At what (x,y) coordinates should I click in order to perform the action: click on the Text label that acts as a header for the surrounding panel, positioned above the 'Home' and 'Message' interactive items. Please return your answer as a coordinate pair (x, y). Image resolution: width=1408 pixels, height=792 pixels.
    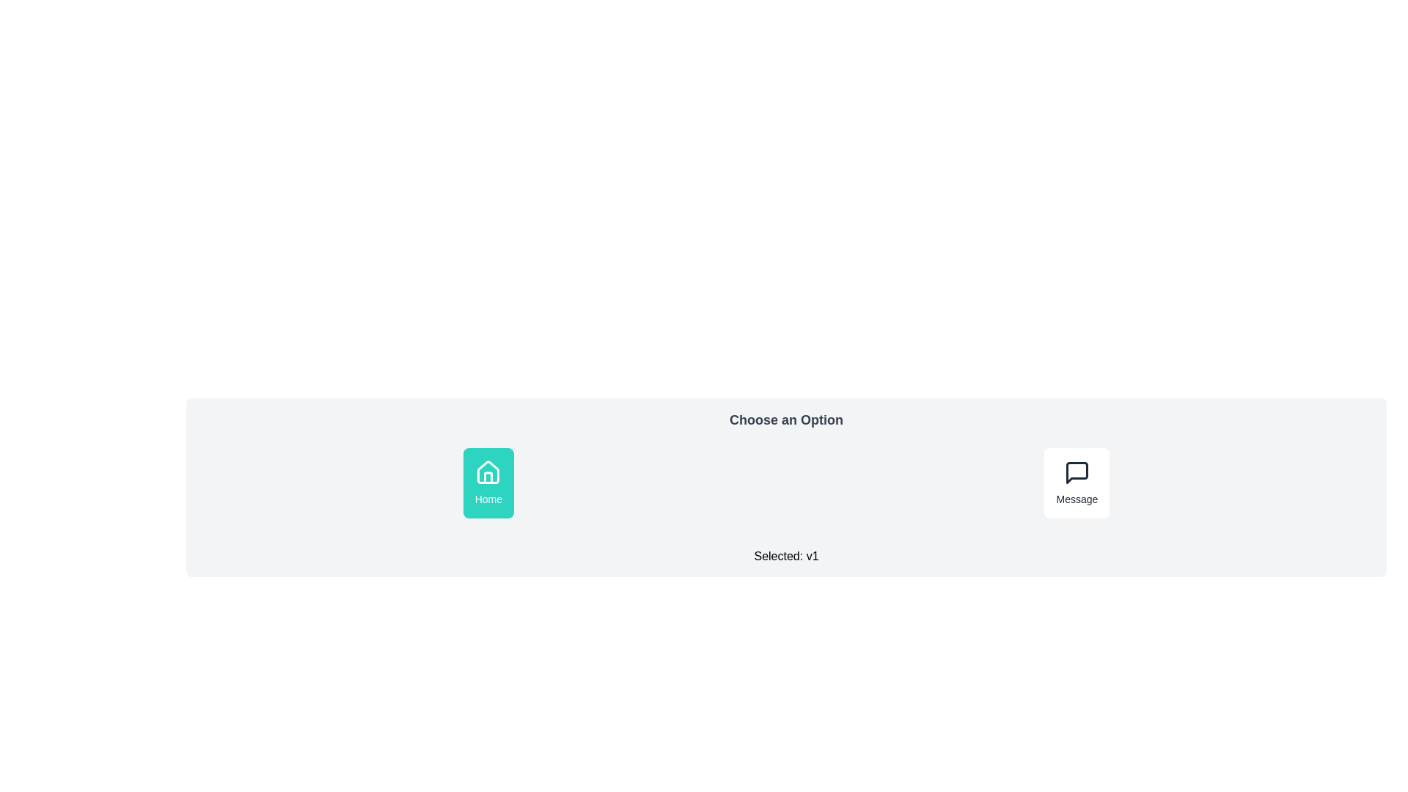
    Looking at the image, I should click on (785, 420).